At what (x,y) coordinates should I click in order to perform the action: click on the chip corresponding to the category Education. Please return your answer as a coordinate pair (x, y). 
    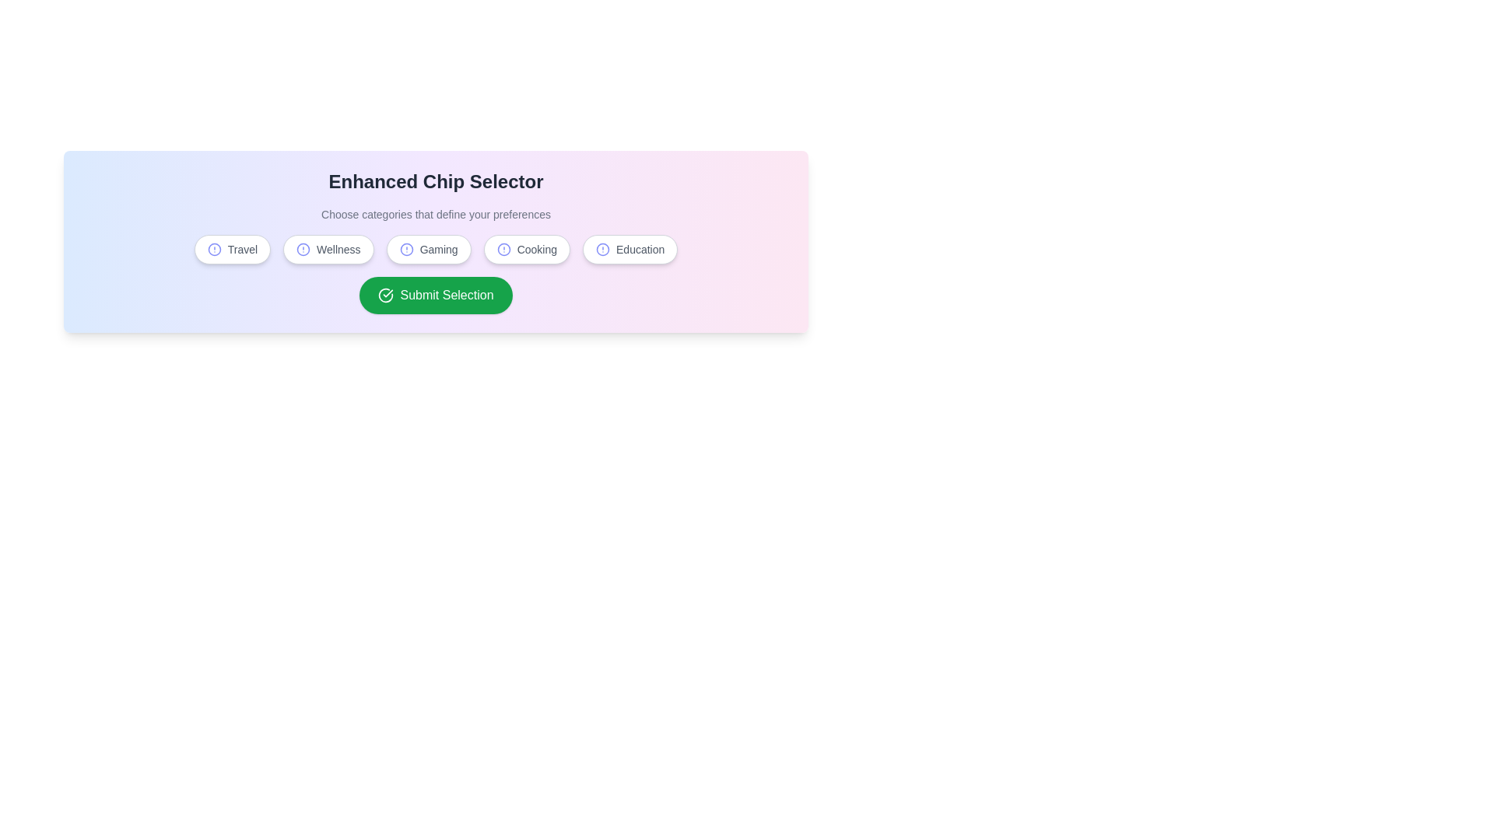
    Looking at the image, I should click on (630, 248).